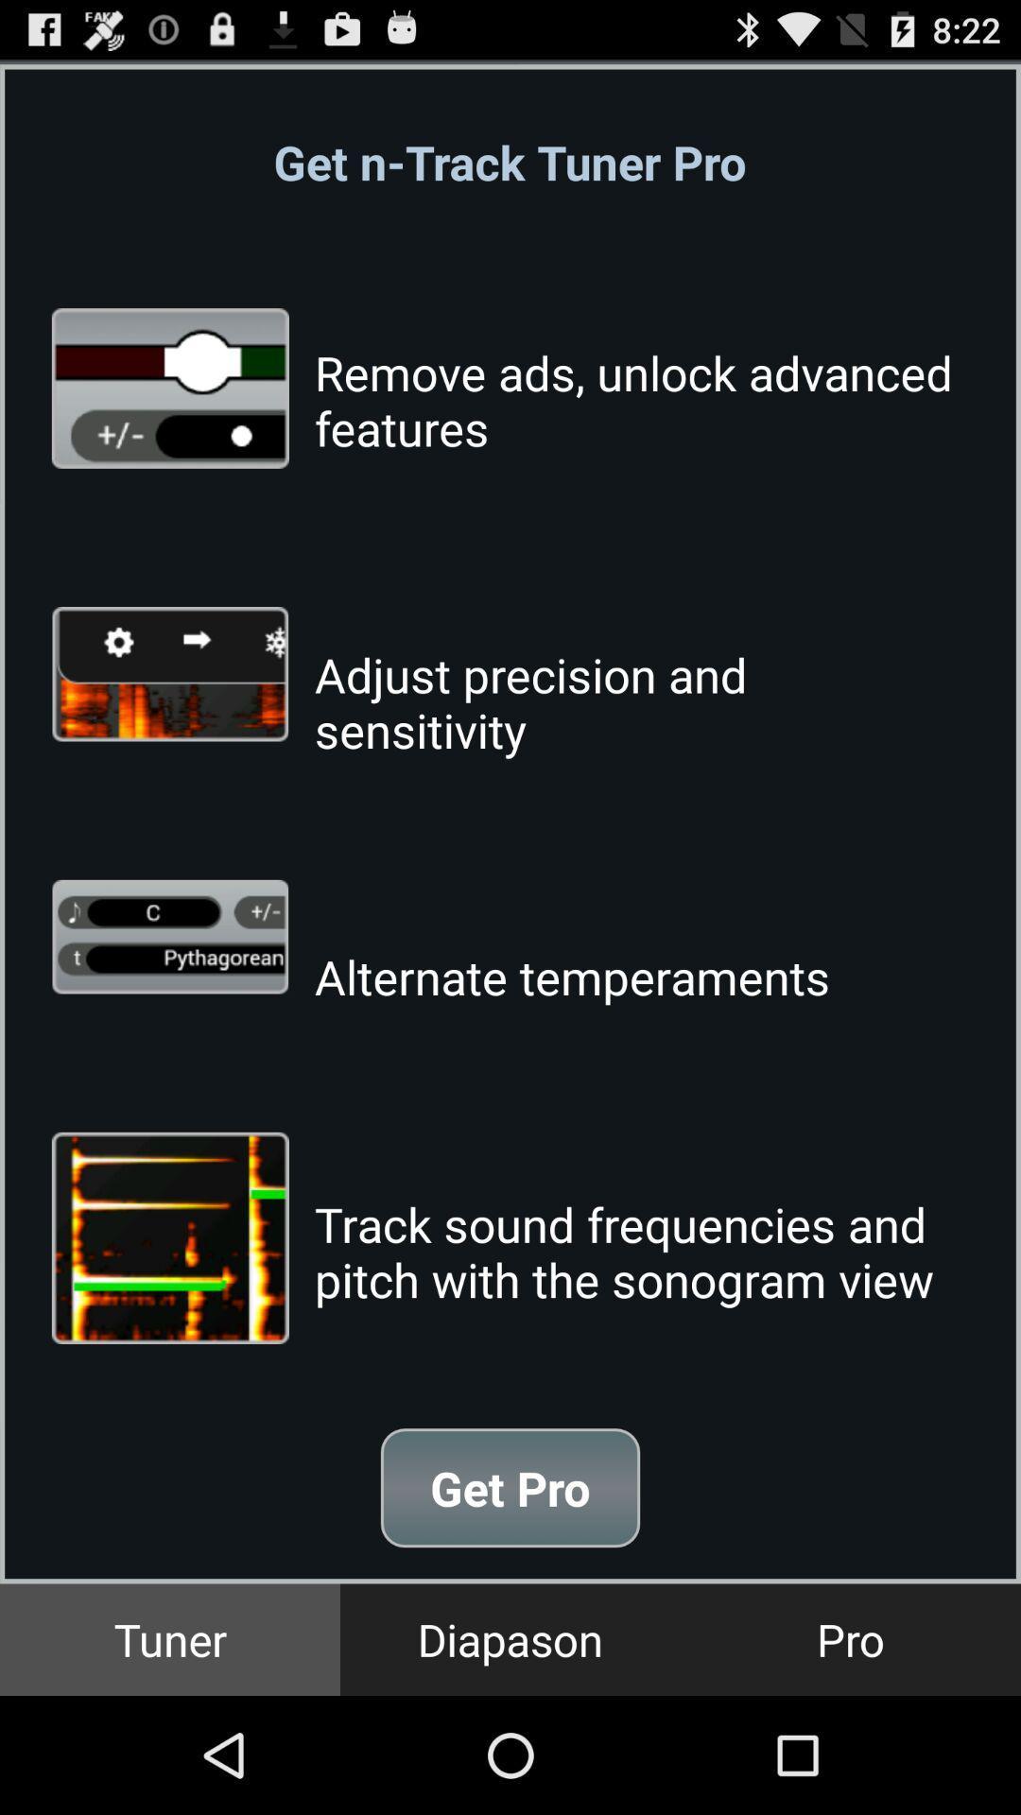 This screenshot has height=1815, width=1021. Describe the element at coordinates (510, 1638) in the screenshot. I see `item next to pro` at that location.